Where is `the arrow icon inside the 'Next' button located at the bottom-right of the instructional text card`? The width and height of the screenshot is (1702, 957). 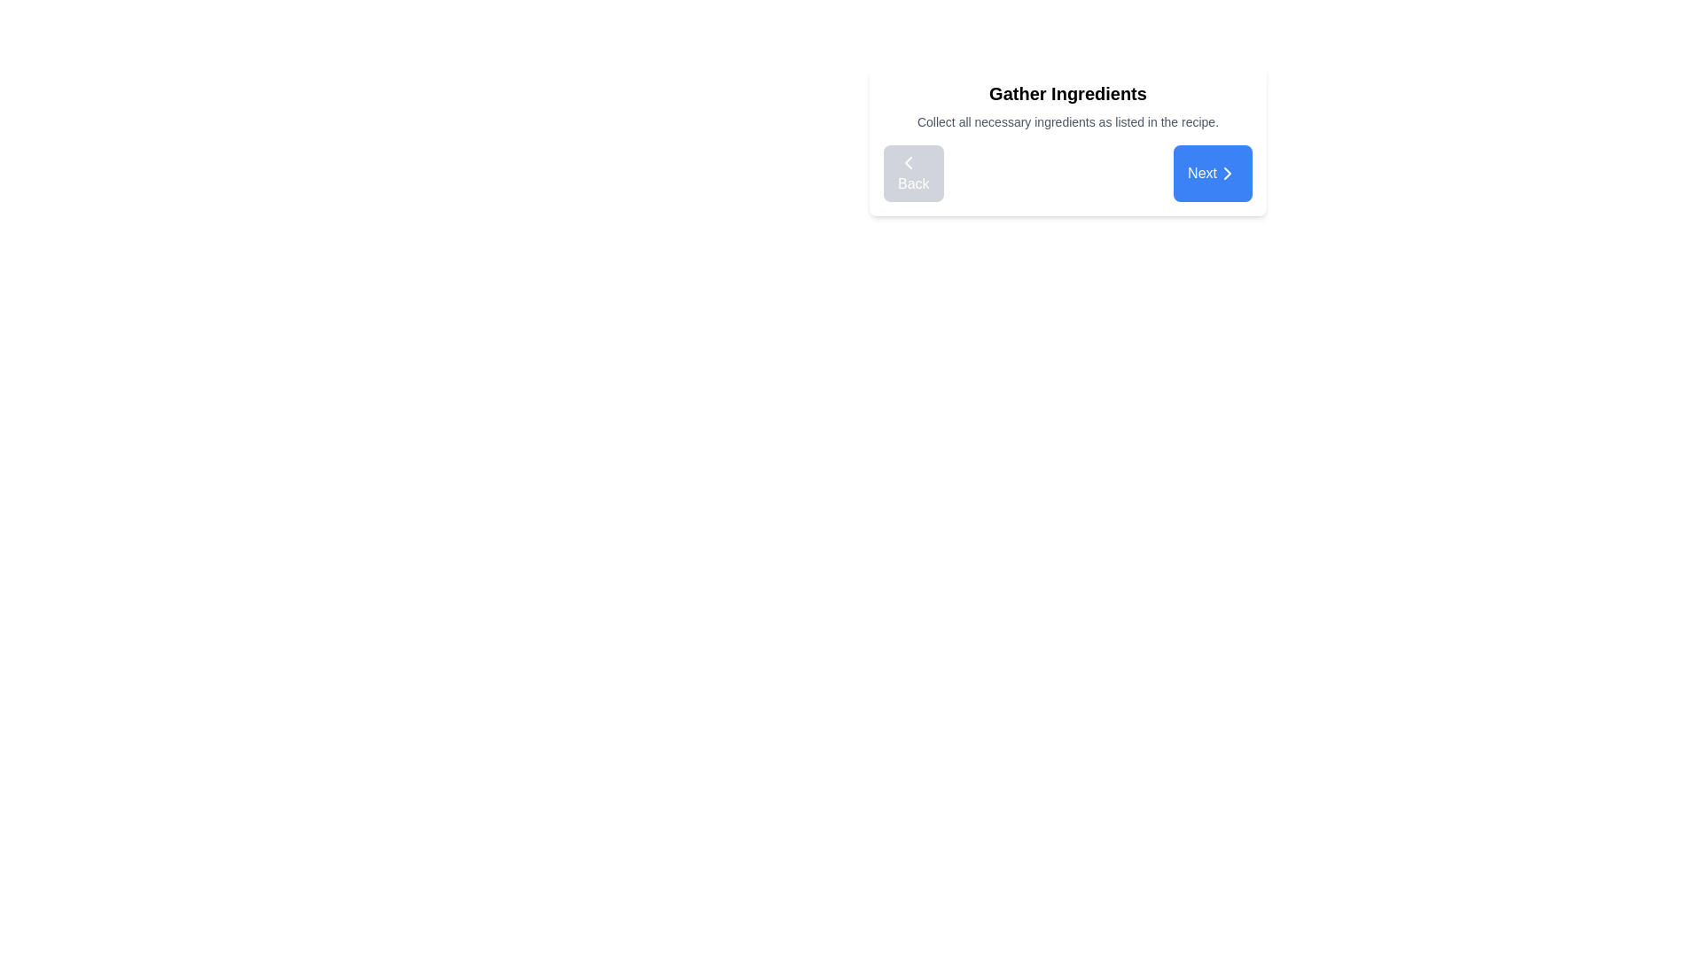 the arrow icon inside the 'Next' button located at the bottom-right of the instructional text card is located at coordinates (1227, 174).